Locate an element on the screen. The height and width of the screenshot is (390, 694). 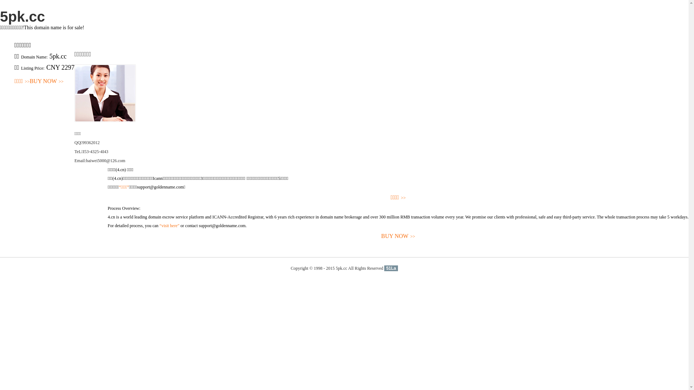
'BUY NOW>>' is located at coordinates (46, 81).